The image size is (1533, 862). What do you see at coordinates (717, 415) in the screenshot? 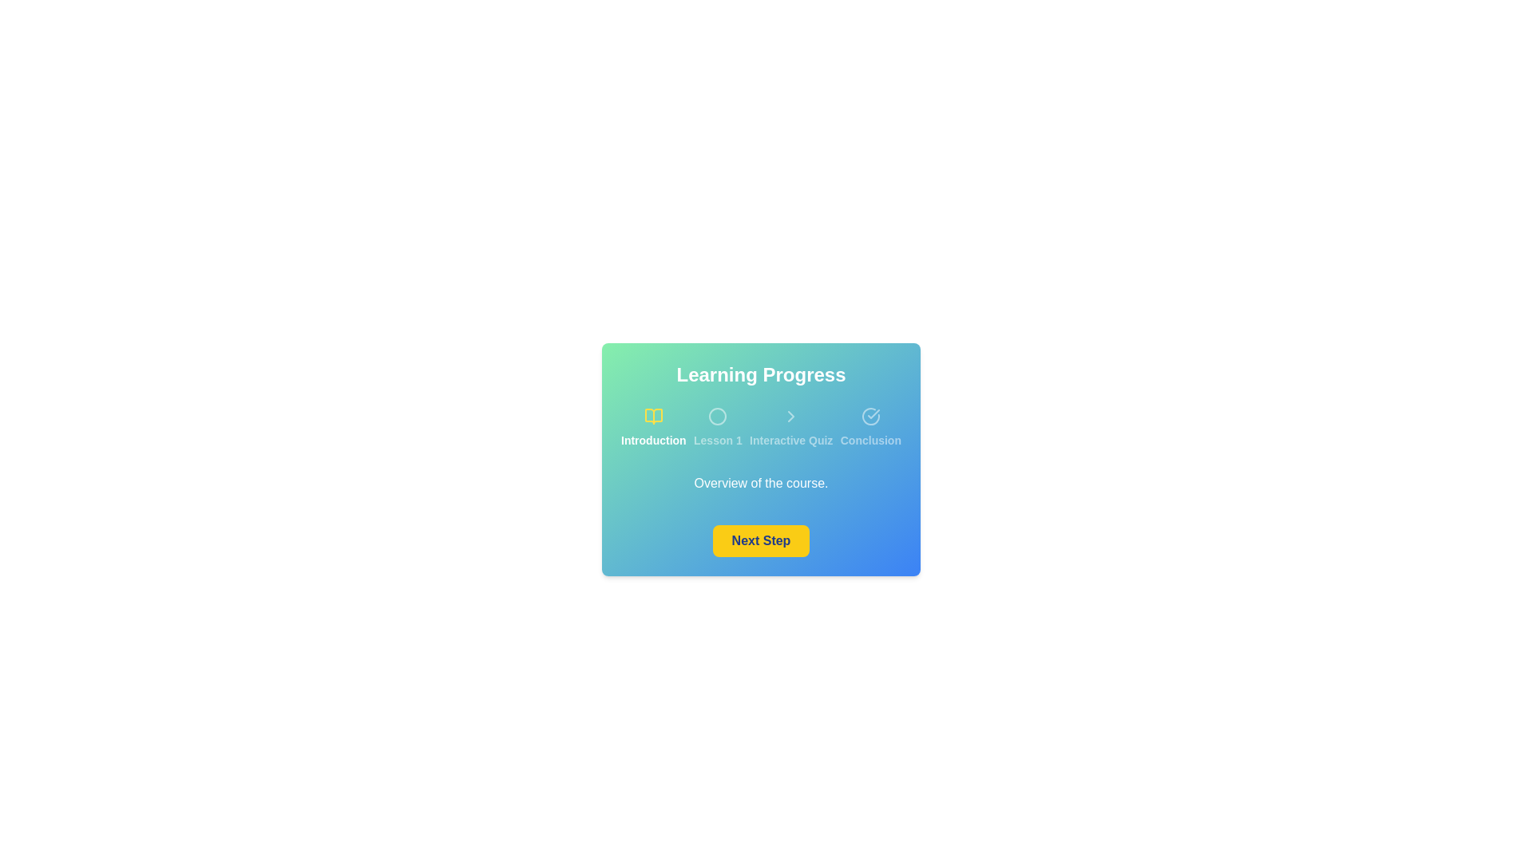
I see `the circular icon representing 'Lesson 1', which indicates the progression of a specific stage` at bounding box center [717, 415].